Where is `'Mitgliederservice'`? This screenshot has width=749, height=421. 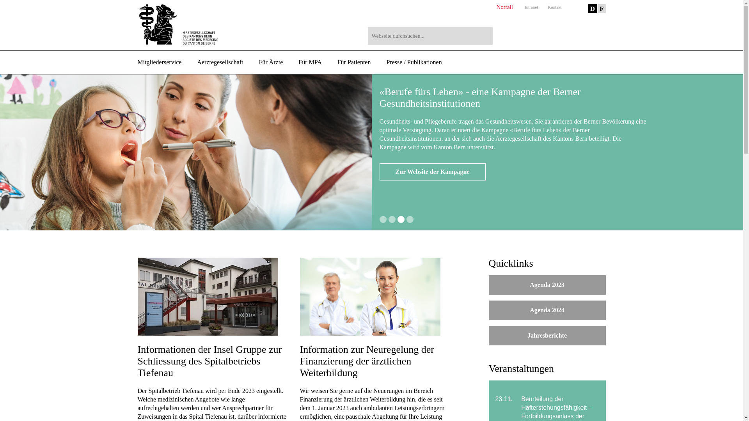
'Mitgliederservice' is located at coordinates (137, 62).